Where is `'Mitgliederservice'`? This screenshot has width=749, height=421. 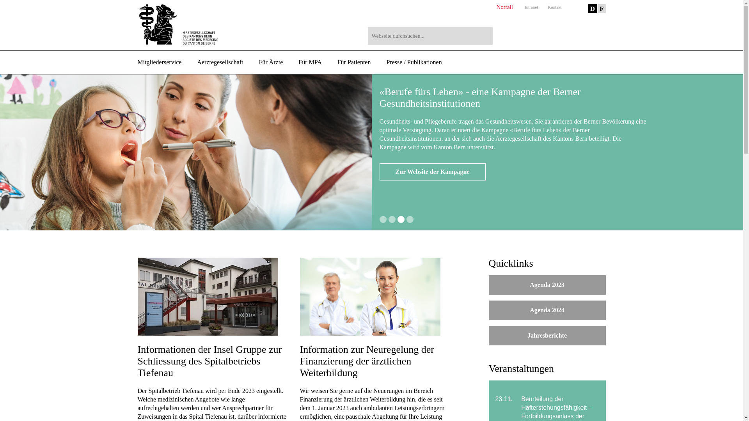
'Mitgliederservice' is located at coordinates (137, 62).